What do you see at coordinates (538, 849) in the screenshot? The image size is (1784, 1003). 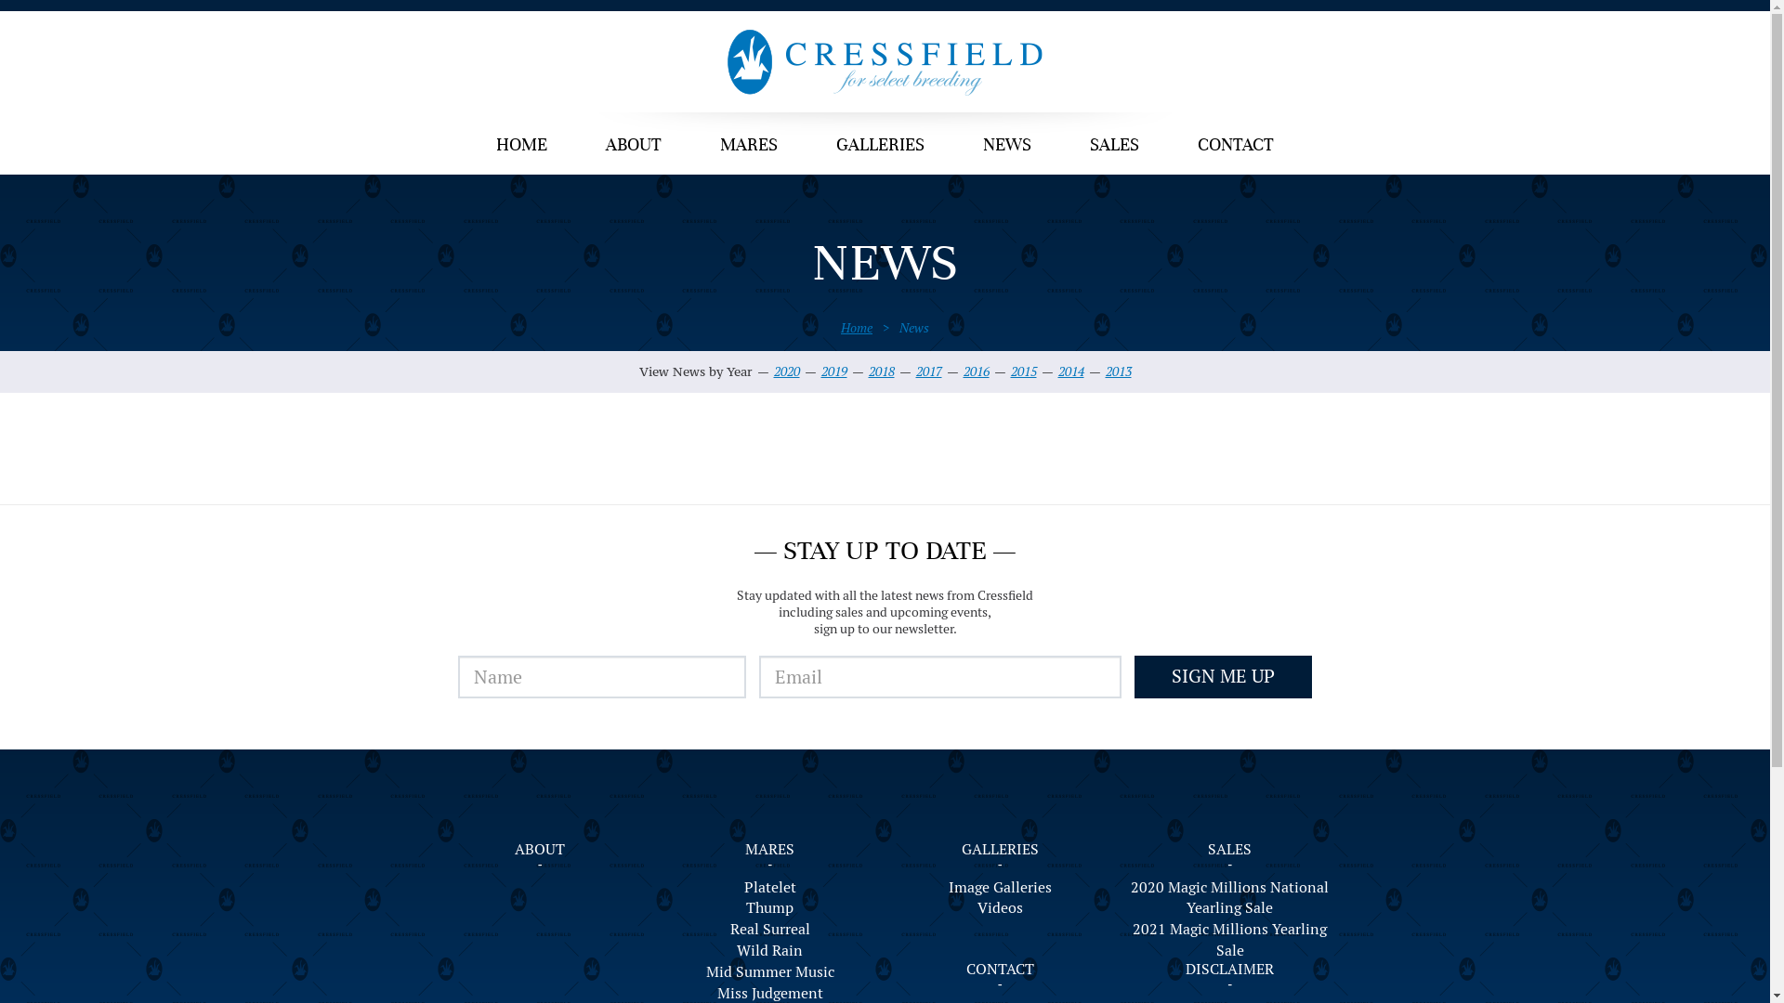 I see `'ABOUT'` at bounding box center [538, 849].